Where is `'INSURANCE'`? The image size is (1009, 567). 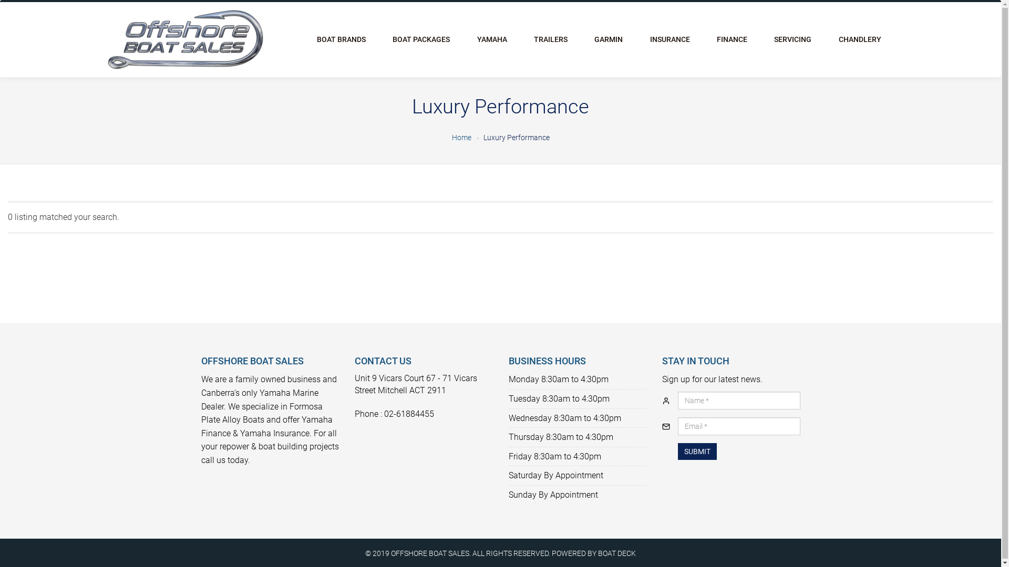
'INSURANCE' is located at coordinates (669, 39).